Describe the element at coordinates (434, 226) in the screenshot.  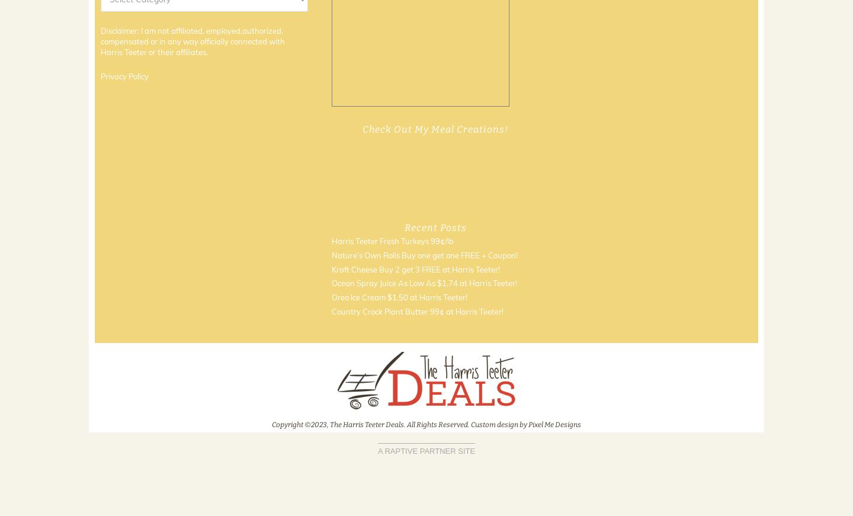
I see `'Recent Posts'` at that location.